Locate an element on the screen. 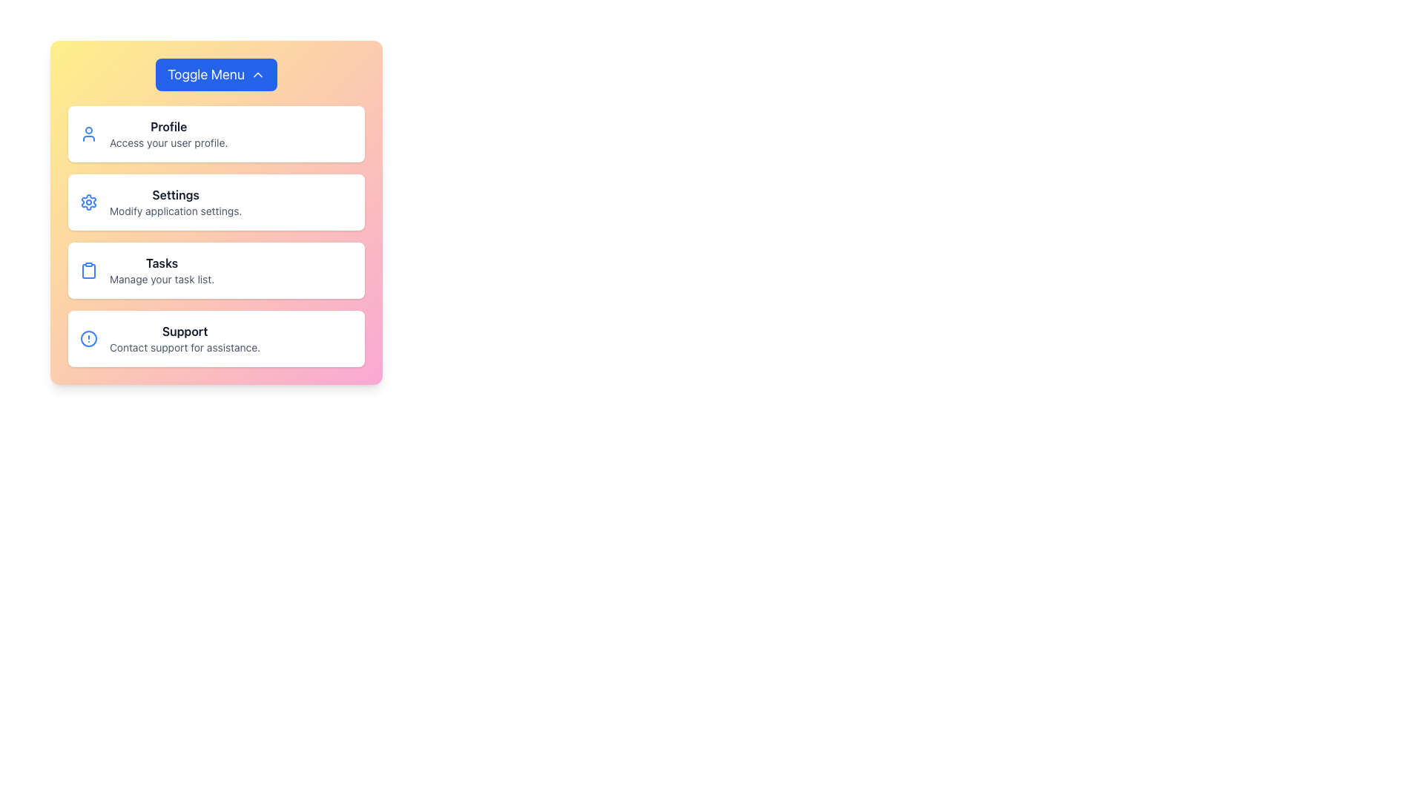  the 'Support' text label is located at coordinates (184, 331).